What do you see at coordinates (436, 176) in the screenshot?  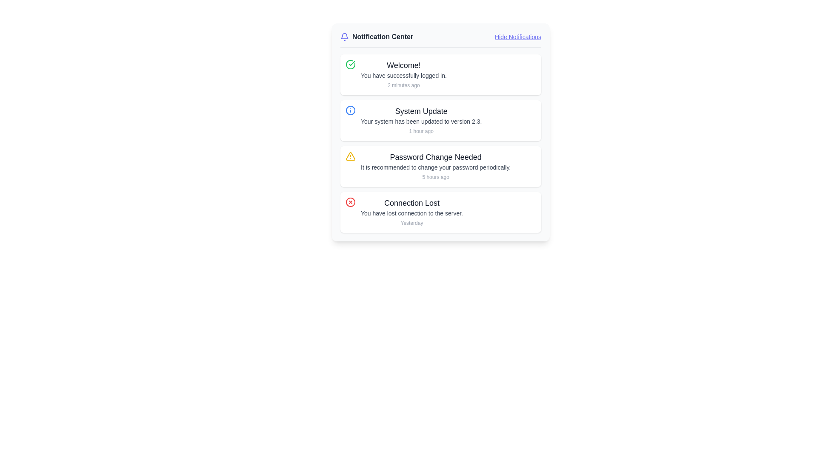 I see `the text label displaying '5 hours ago' in light gray color, located at the bottom-right corner of the 'Password Change Needed' notification card` at bounding box center [436, 176].